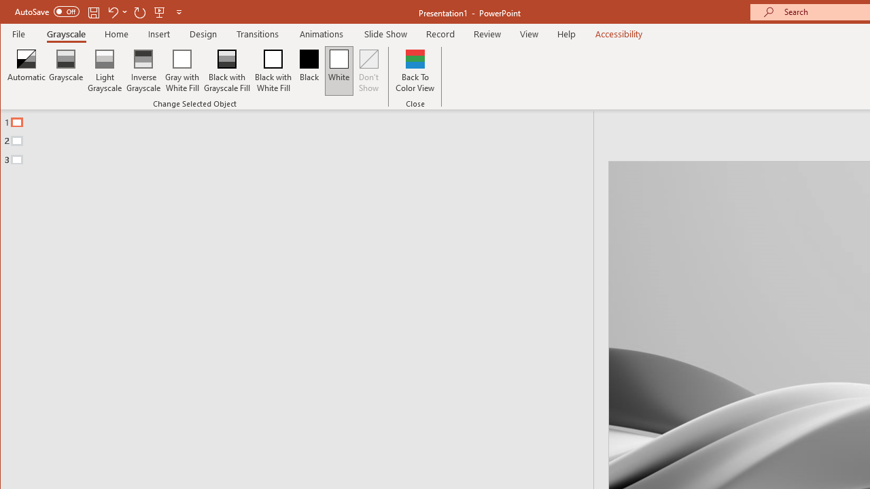 This screenshot has width=870, height=489. What do you see at coordinates (65, 71) in the screenshot?
I see `'Grayscale'` at bounding box center [65, 71].